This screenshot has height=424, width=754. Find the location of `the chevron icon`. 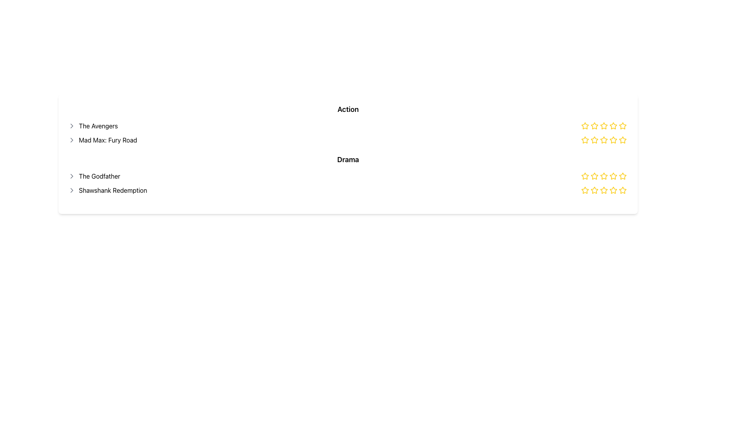

the chevron icon is located at coordinates (71, 190).